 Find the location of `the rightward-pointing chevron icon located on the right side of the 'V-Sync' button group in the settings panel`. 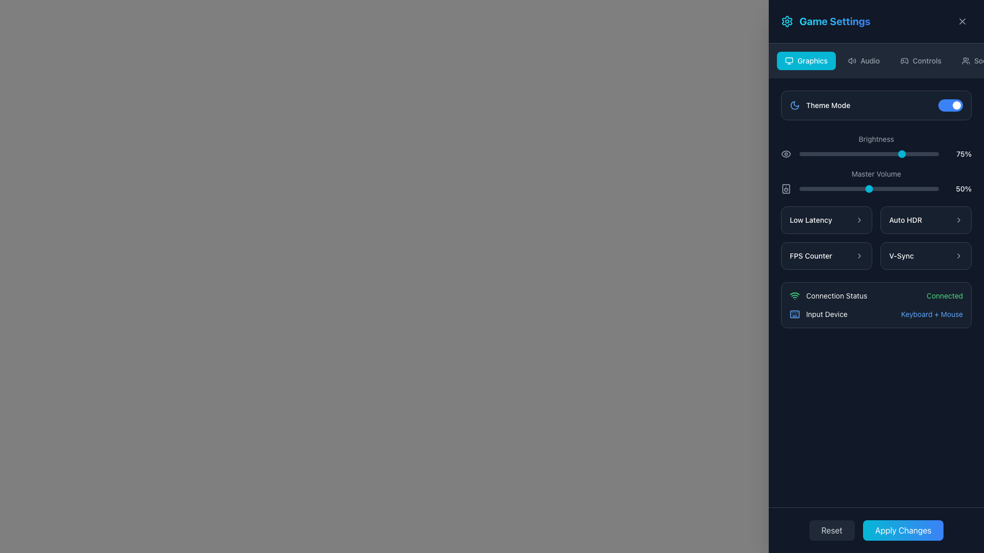

the rightward-pointing chevron icon located on the right side of the 'V-Sync' button group in the settings panel is located at coordinates (958, 256).